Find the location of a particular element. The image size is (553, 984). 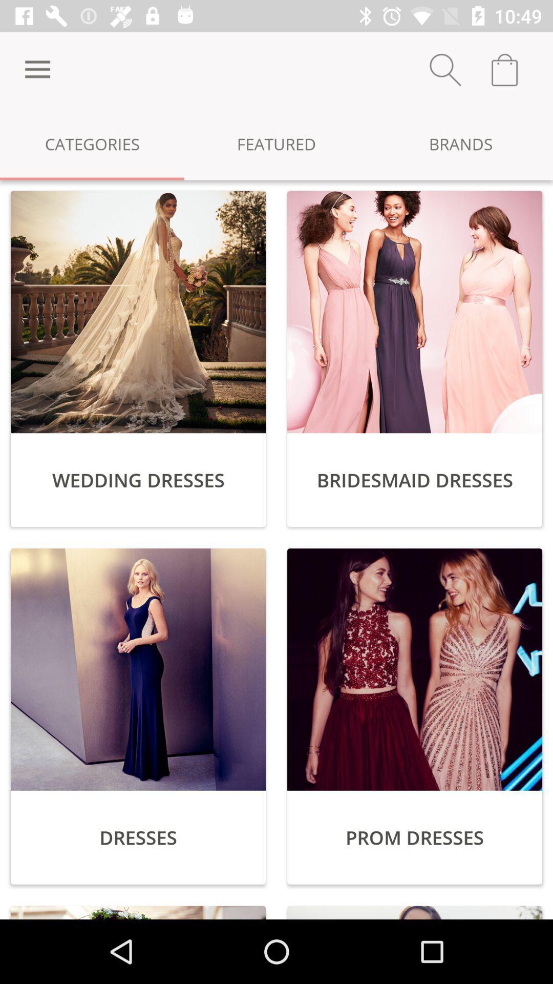

the brands is located at coordinates (460, 143).